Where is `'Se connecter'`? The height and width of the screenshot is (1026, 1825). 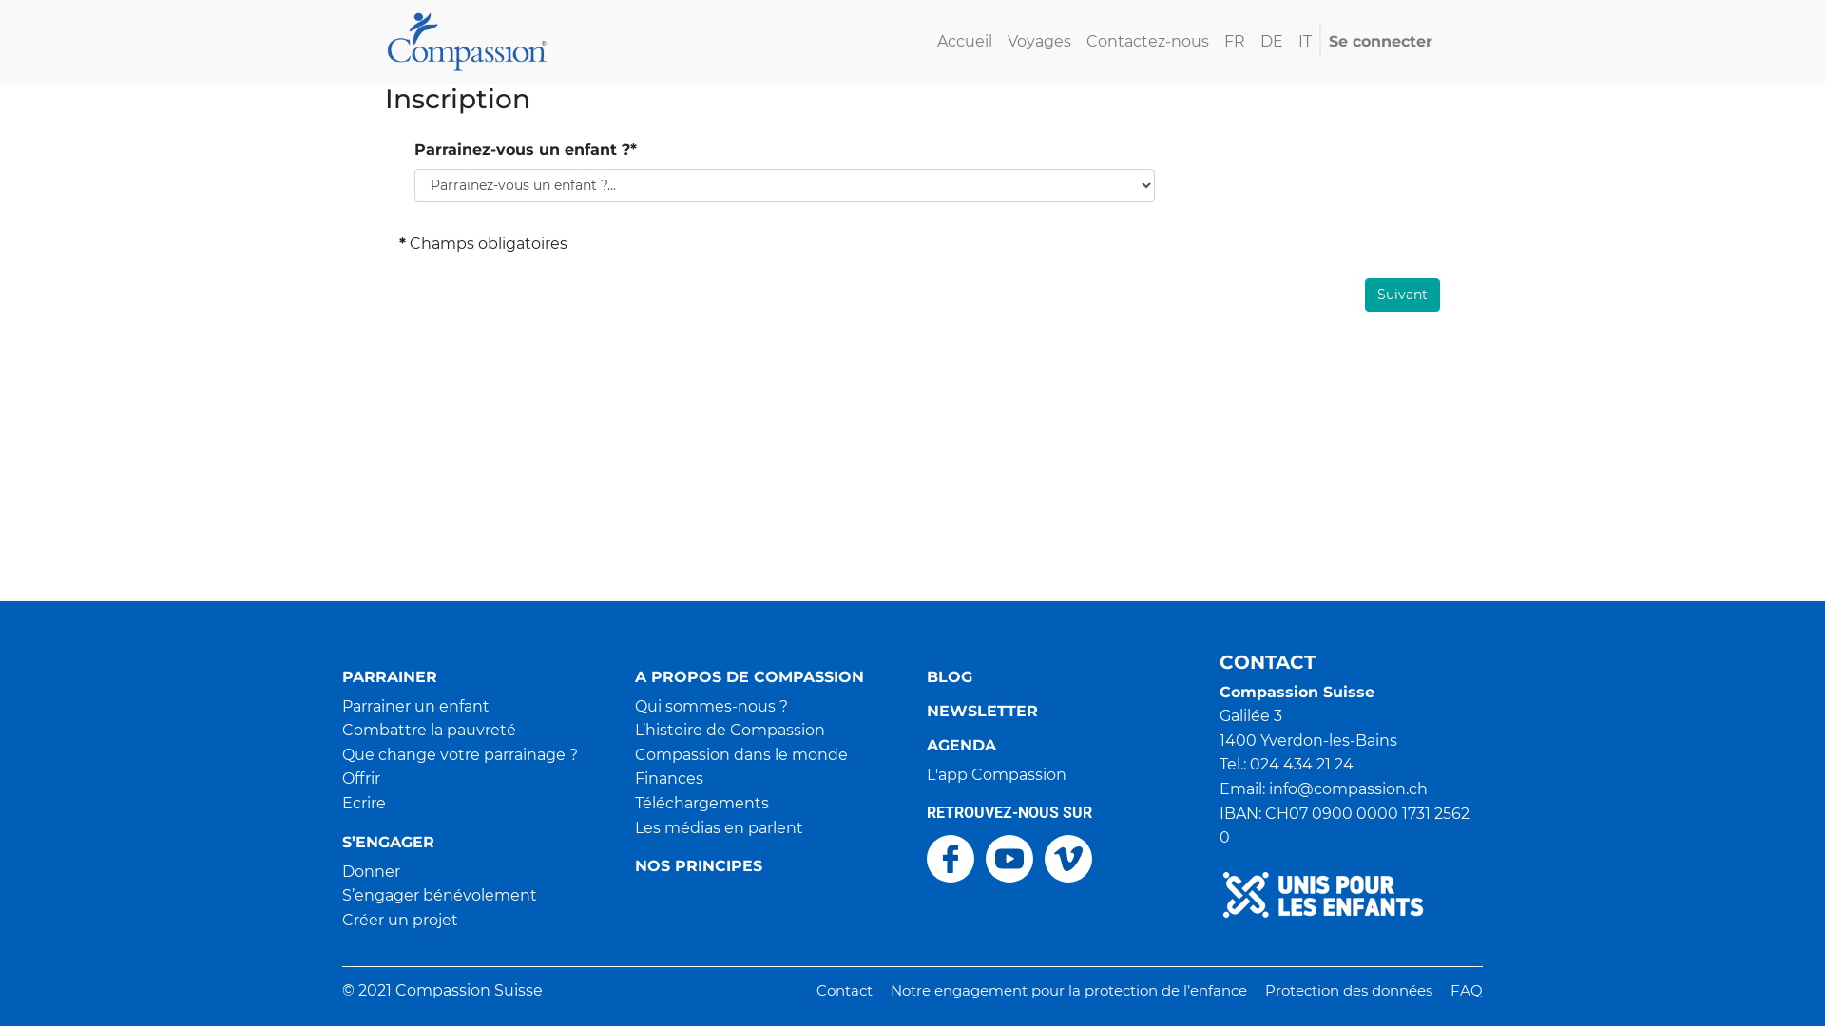 'Se connecter' is located at coordinates (1320, 41).